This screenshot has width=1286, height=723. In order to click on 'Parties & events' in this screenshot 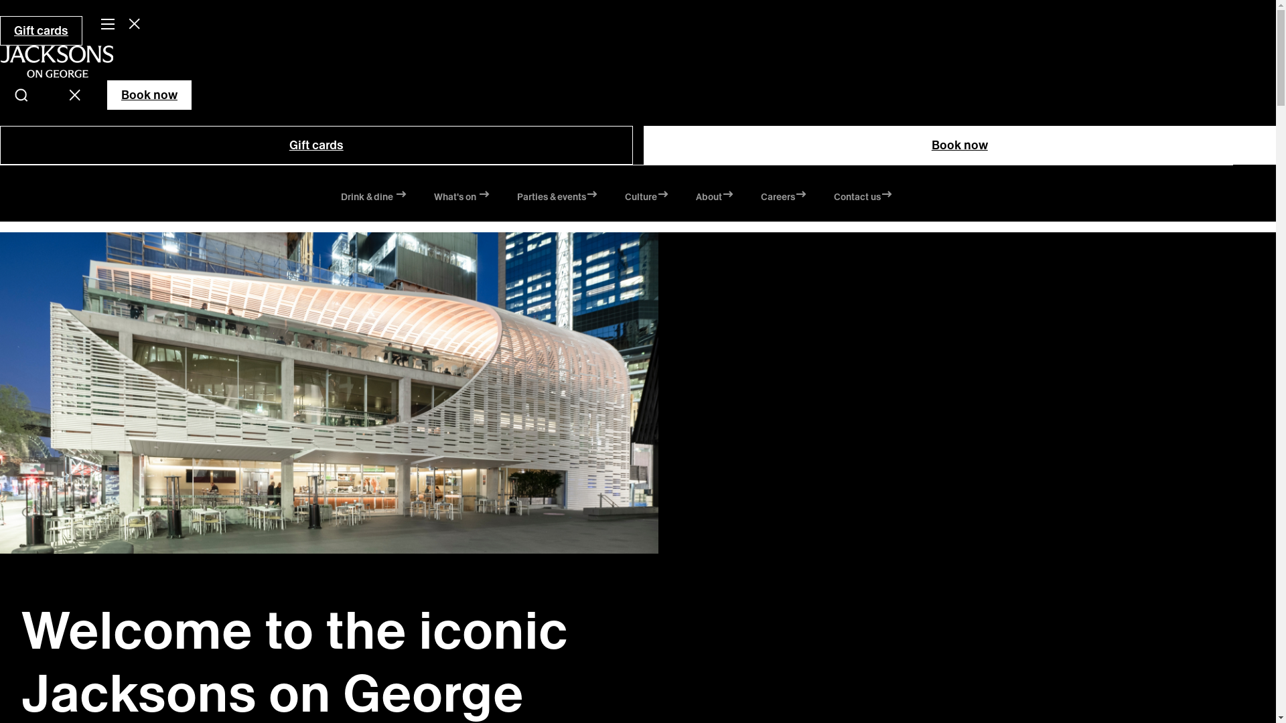, I will do `click(557, 199)`.